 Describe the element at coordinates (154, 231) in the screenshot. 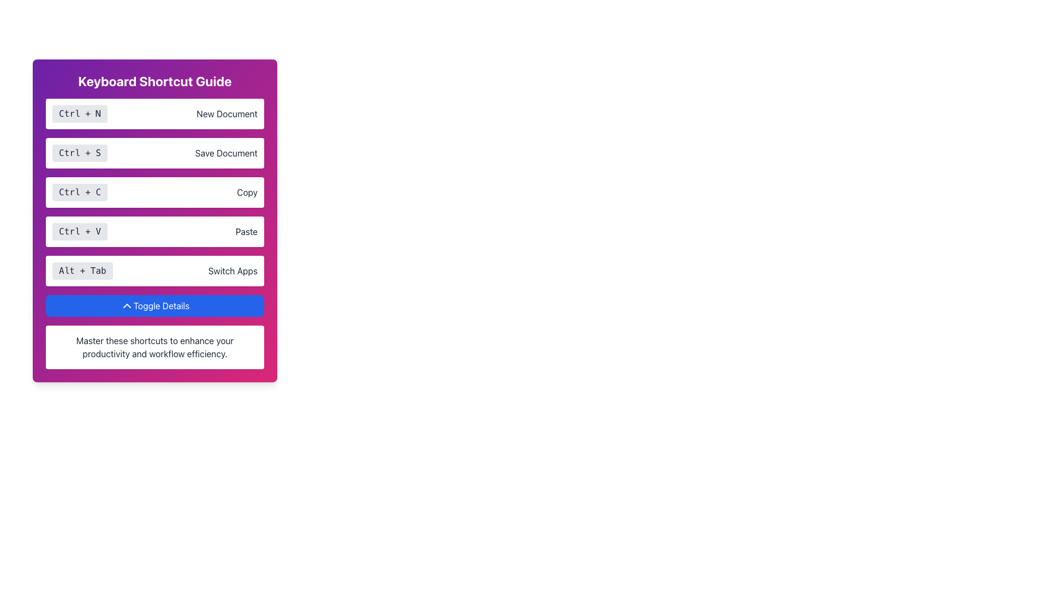

I see `the informational row that describes the 'Paste' functionality with the keyboard shortcut 'Ctrl + V', which is the fourth row in the 'Keyboard Shortcut Guide'` at that location.